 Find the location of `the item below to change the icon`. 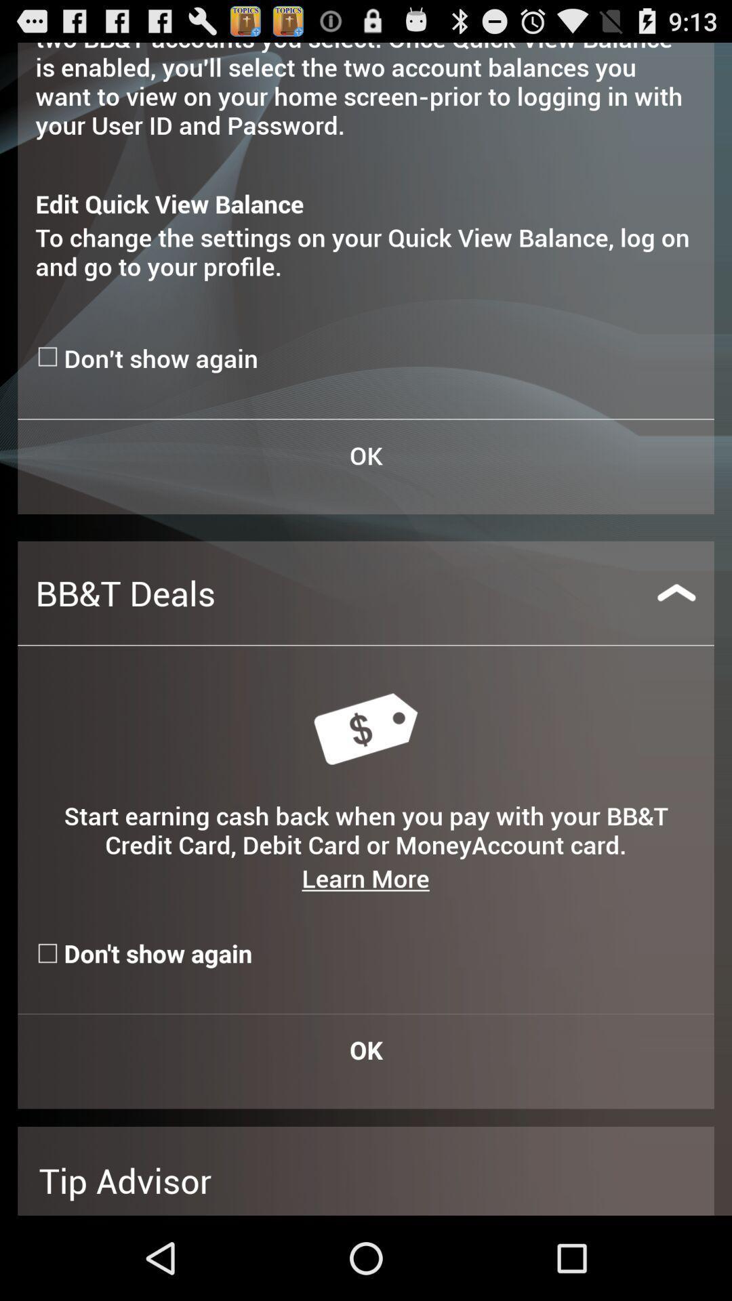

the item below to change the icon is located at coordinates (49, 356).